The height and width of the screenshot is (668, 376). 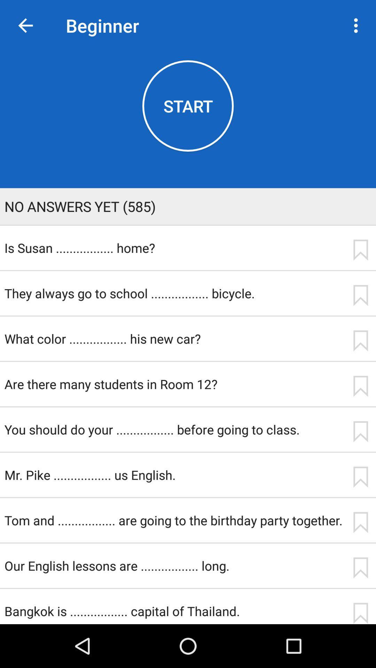 I want to click on icon to the right of they always go item, so click(x=360, y=295).